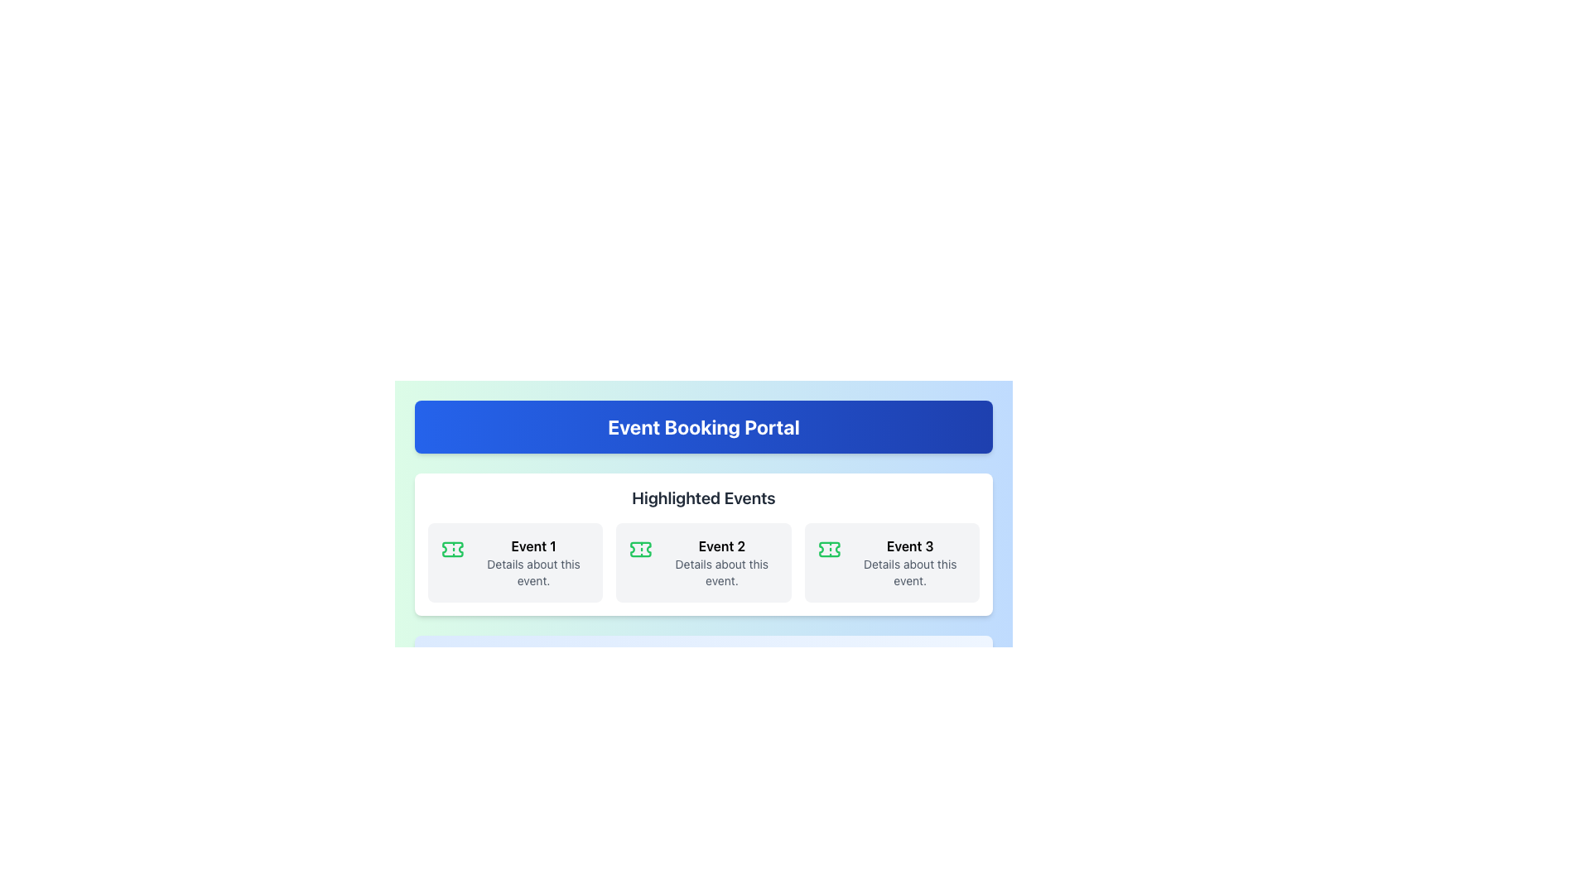  Describe the element at coordinates (640, 549) in the screenshot. I see `the decorative or functional icon for 'Event 2', which is located in the second highlighted event card, to the left of the text 'Event 2'` at that location.